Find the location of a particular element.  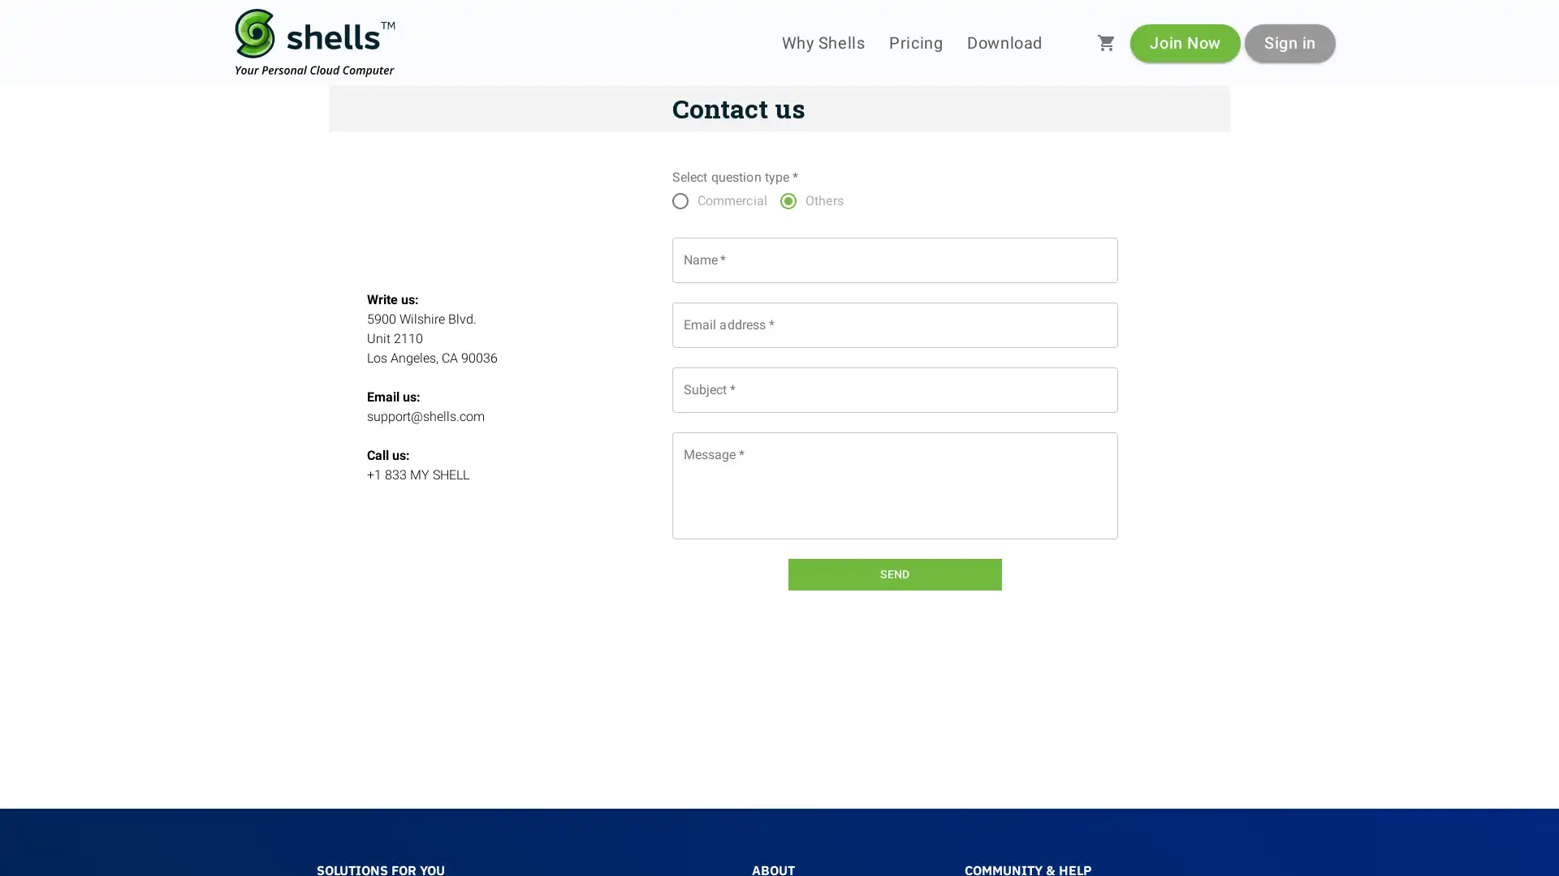

Pricing is located at coordinates (916, 42).